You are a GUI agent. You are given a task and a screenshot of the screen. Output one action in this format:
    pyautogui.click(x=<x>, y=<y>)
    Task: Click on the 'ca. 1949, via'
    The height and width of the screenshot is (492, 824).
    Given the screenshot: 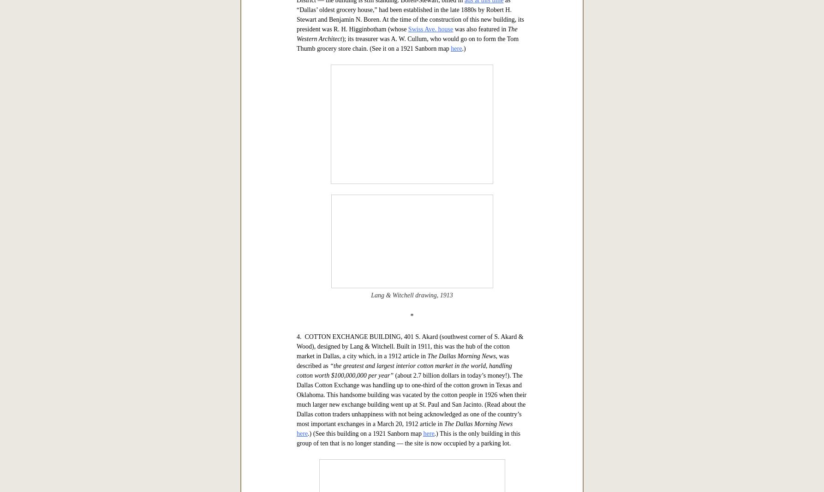 What is the action you would take?
    pyautogui.click(x=385, y=228)
    